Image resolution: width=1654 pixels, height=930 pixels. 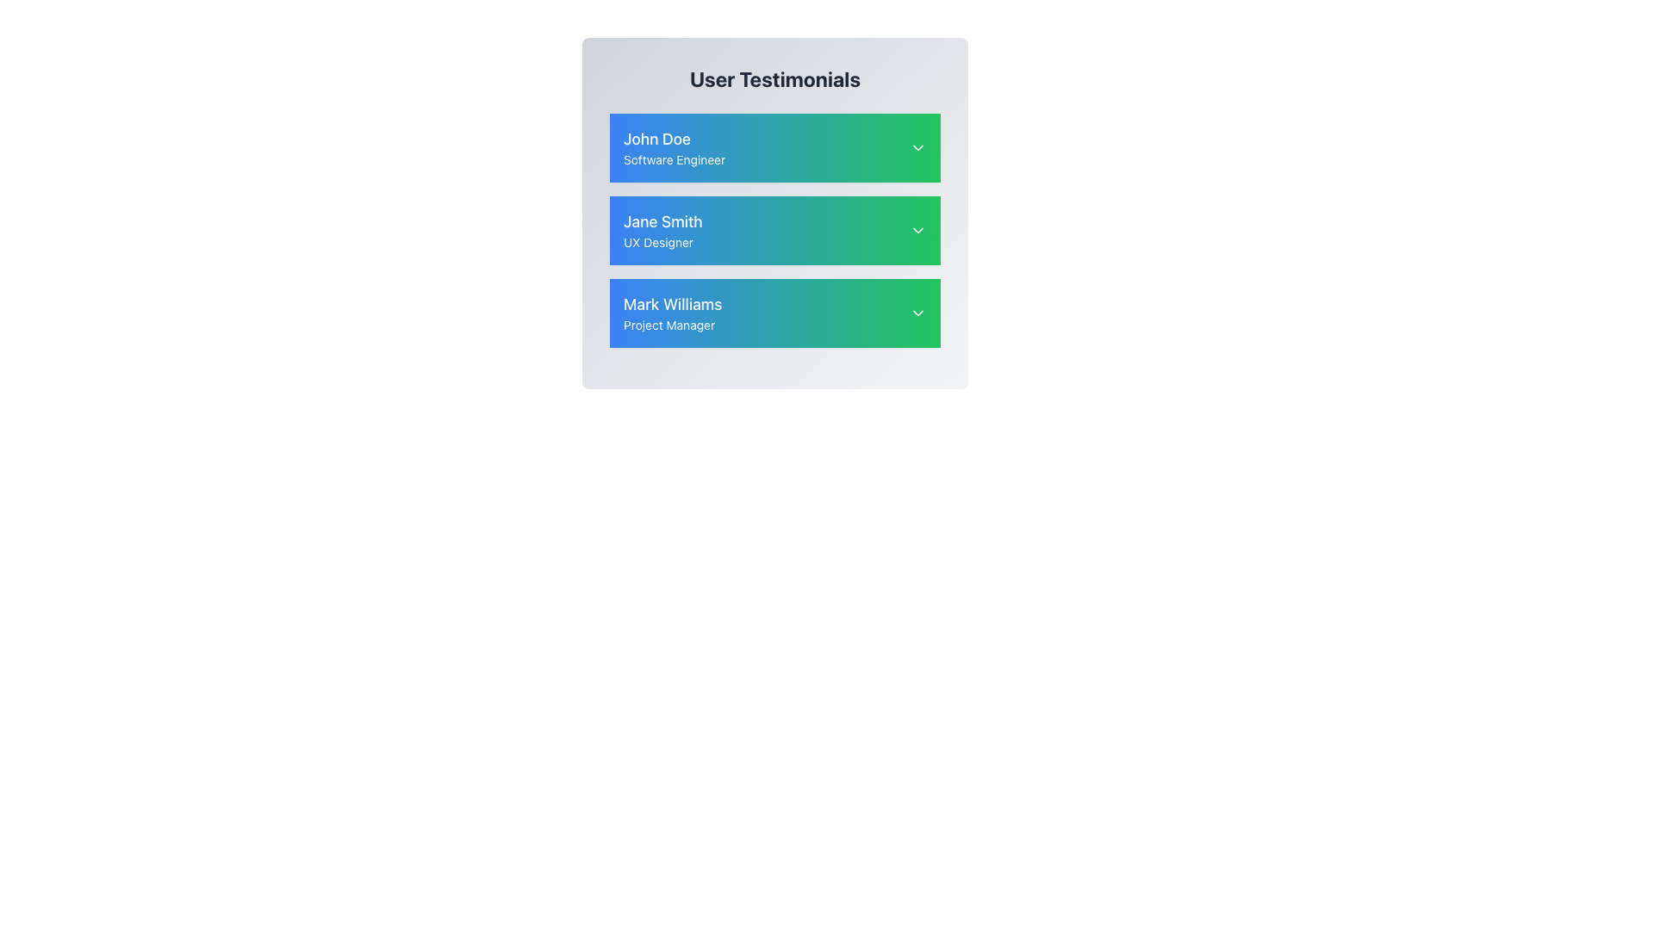 I want to click on the Informational Card that displays 'Mark Williams' and 'Project Manager' with a gradient background, located at the bottom of the User Testimonials box, so click(x=774, y=313).